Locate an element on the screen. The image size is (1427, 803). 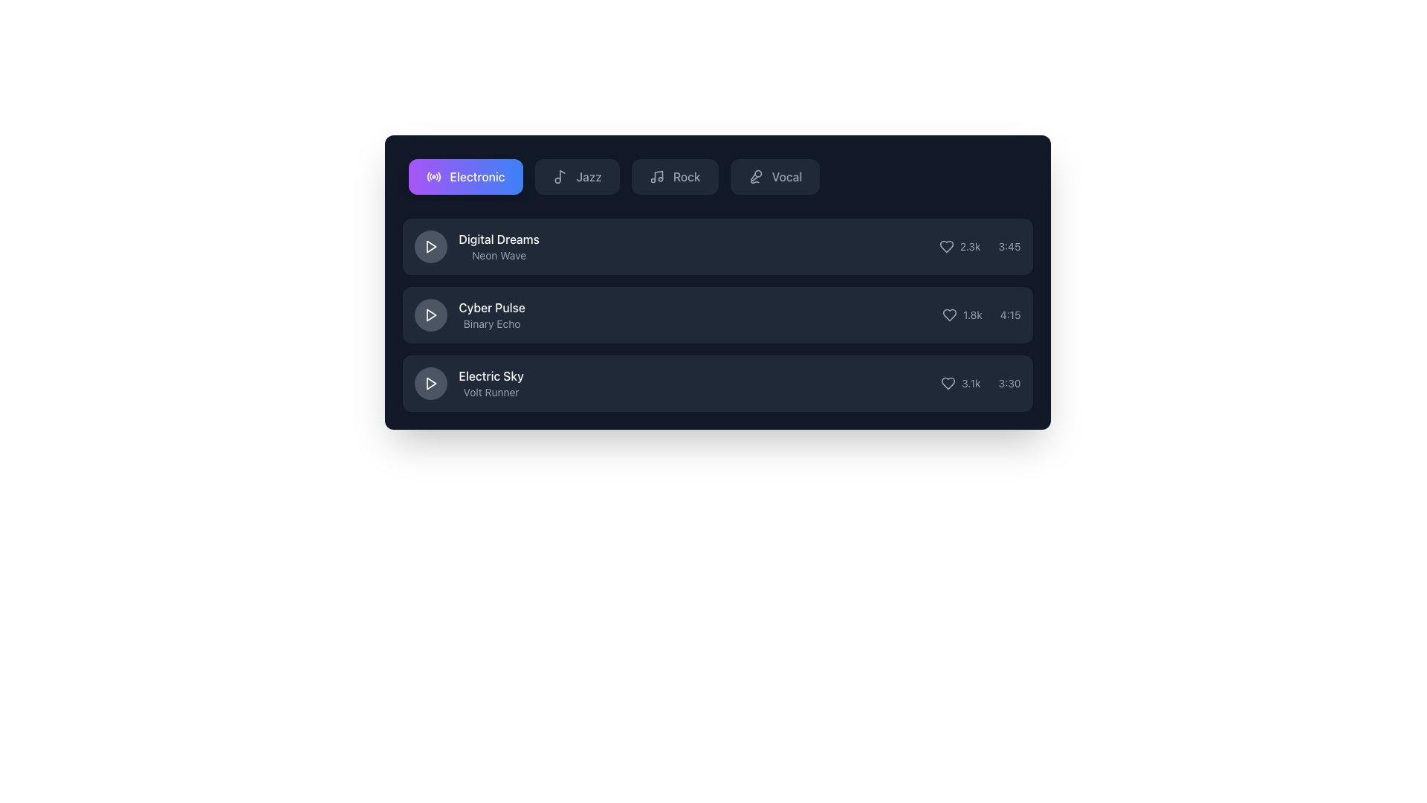
the third track entry is located at coordinates (717, 383).